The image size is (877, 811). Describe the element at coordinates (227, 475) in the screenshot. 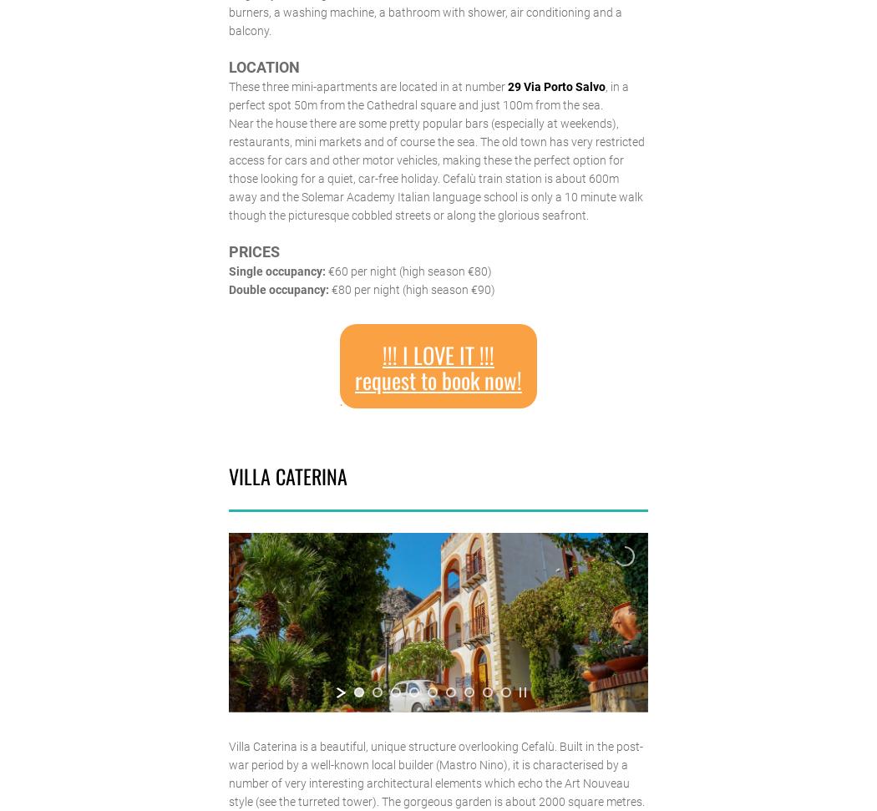

I see `'VILLA CATERINA'` at that location.